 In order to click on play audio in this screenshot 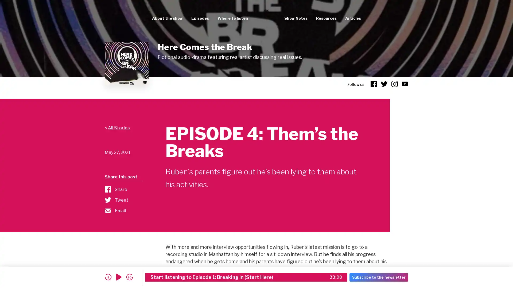, I will do `click(119, 277)`.